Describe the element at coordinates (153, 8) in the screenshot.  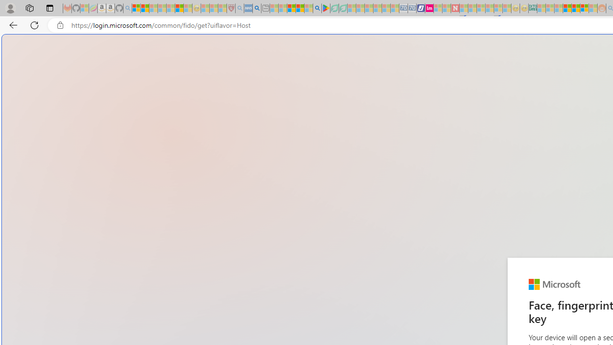
I see `'The Weather Channel - MSN - Sleeping'` at that location.